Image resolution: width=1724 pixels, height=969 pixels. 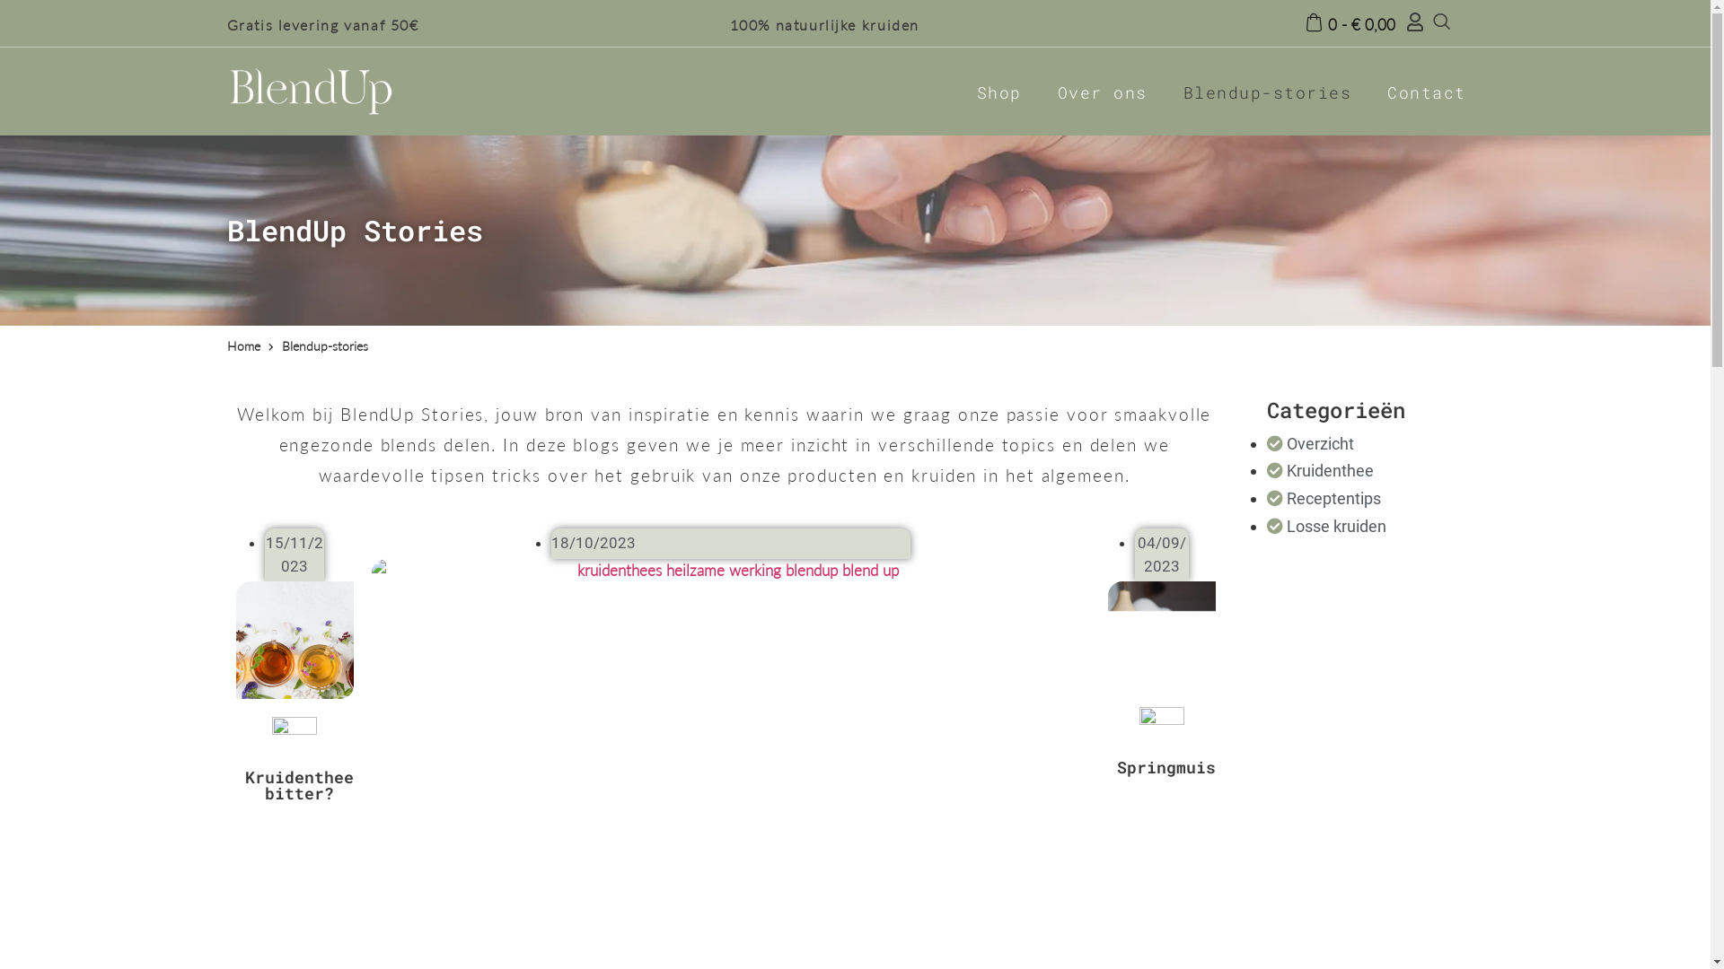 What do you see at coordinates (998, 92) in the screenshot?
I see `'Shop'` at bounding box center [998, 92].